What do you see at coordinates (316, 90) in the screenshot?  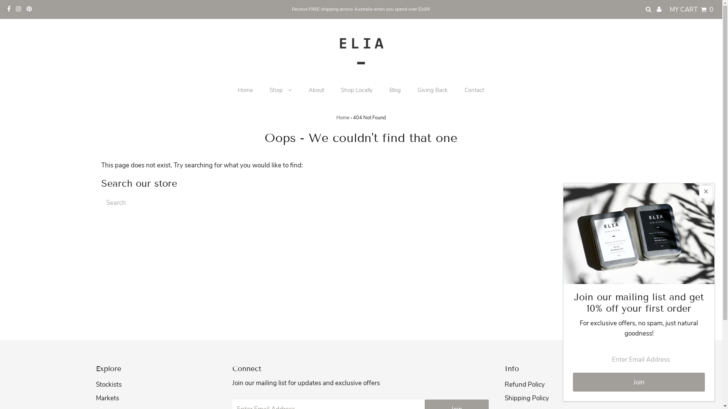 I see `'About'` at bounding box center [316, 90].